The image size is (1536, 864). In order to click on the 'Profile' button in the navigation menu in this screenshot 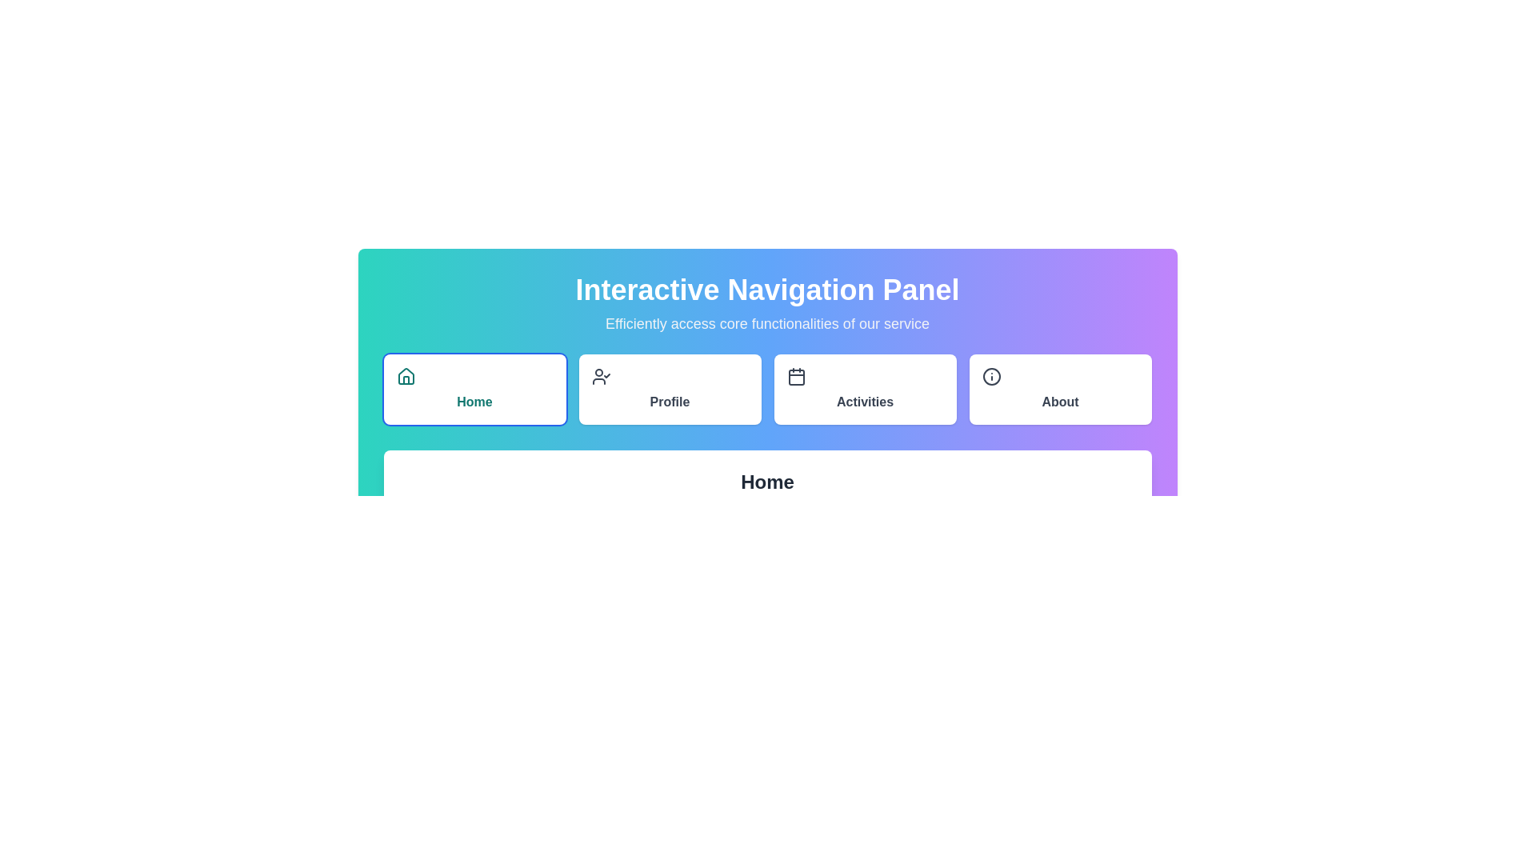, I will do `click(670, 389)`.